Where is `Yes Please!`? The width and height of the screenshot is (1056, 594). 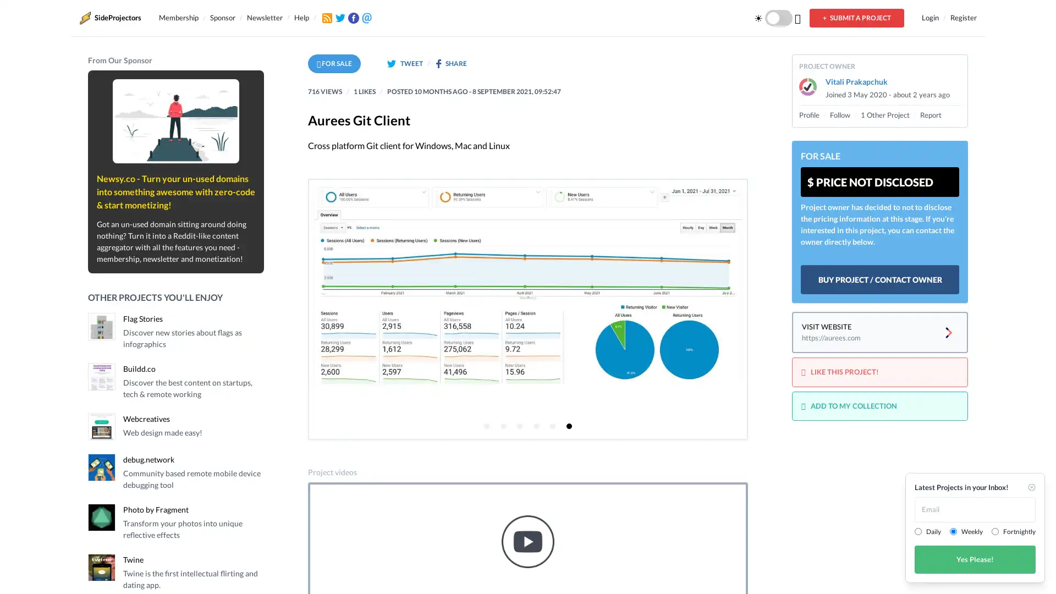
Yes Please! is located at coordinates (975, 559).